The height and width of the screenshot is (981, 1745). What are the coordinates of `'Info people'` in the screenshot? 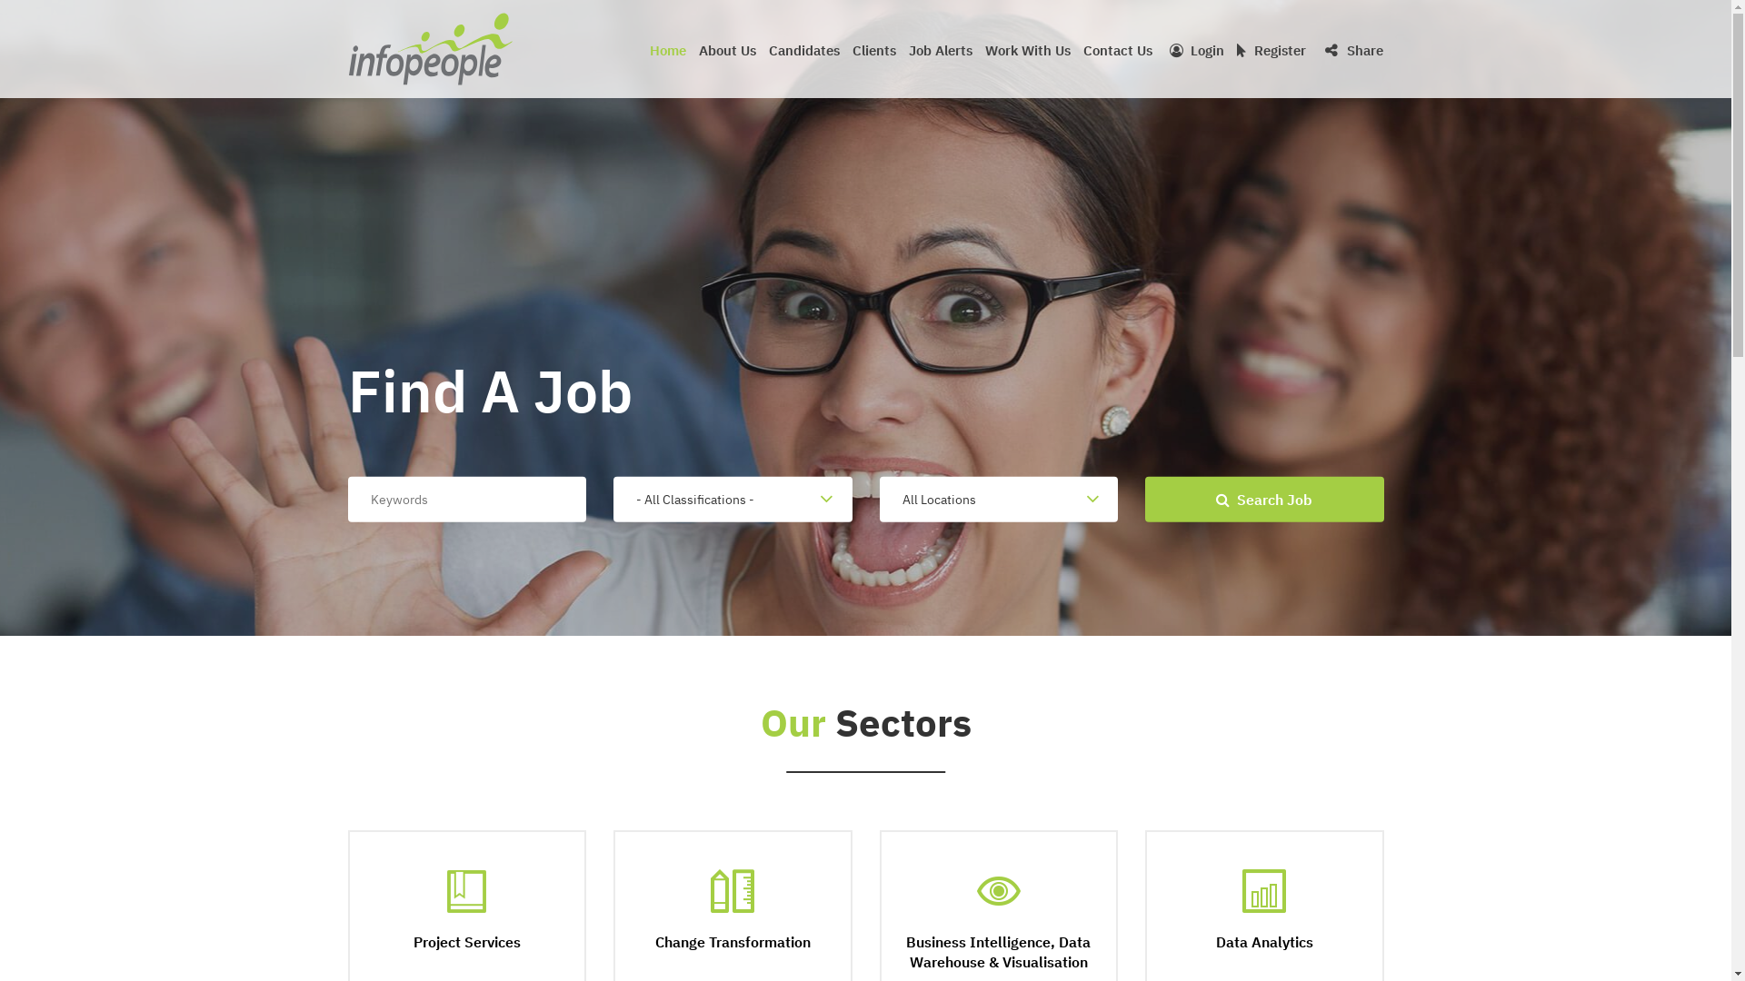 It's located at (430, 48).